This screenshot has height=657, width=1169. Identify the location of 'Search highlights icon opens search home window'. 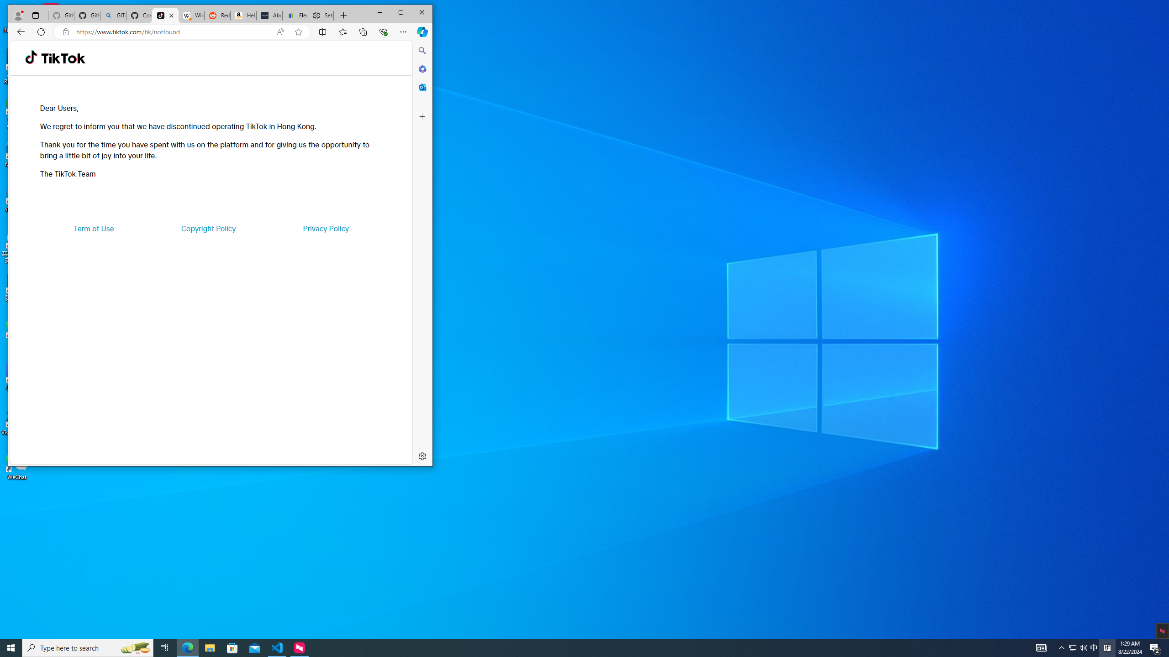
(134, 647).